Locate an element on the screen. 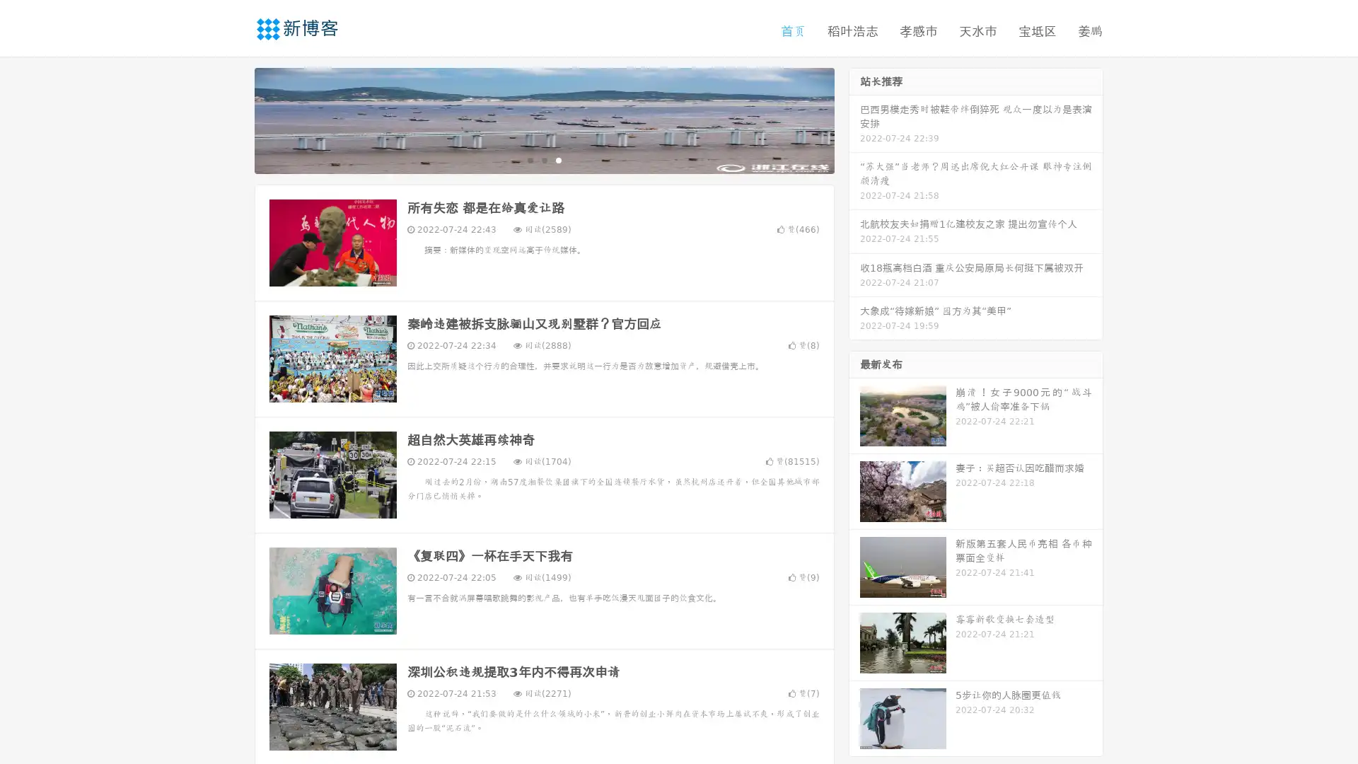  Previous slide is located at coordinates (233, 119).